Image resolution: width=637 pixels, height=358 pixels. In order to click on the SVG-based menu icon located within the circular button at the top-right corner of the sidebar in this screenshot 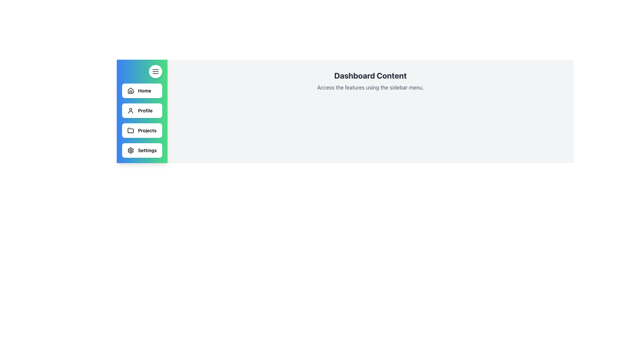, I will do `click(155, 72)`.